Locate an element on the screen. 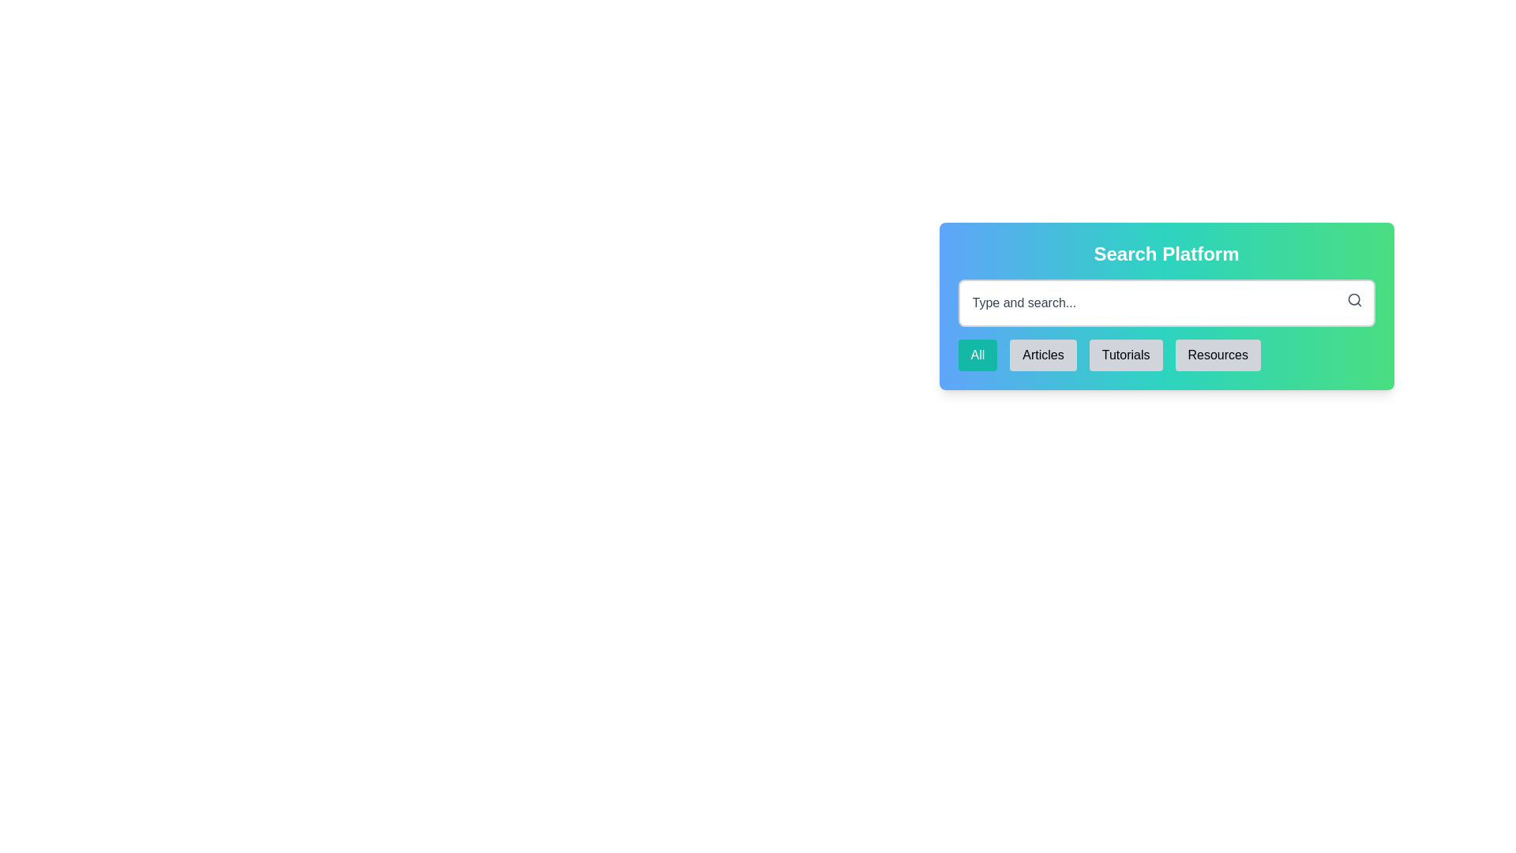 Image resolution: width=1516 pixels, height=853 pixels. the Icon button located in the top-right corner of the 'Type and search...' input field is located at coordinates (1353, 300).